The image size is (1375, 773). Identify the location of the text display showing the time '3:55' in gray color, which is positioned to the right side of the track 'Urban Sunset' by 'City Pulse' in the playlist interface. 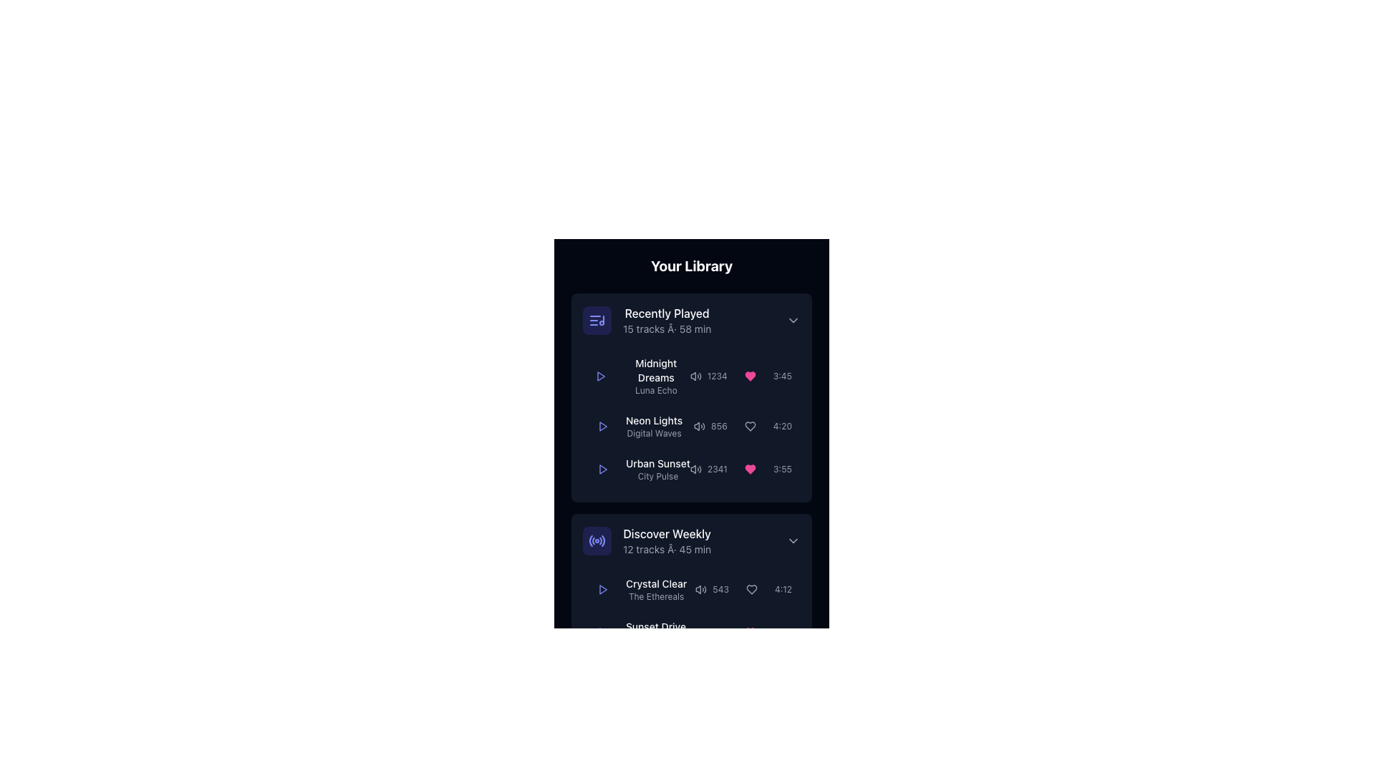
(781, 469).